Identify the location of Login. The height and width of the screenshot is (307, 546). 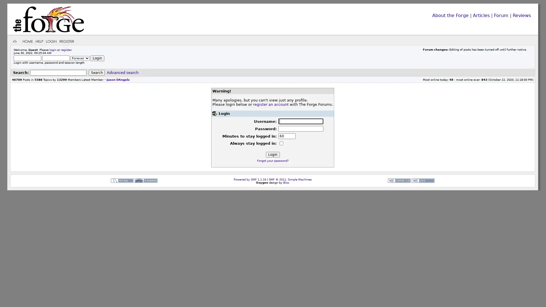
(272, 154).